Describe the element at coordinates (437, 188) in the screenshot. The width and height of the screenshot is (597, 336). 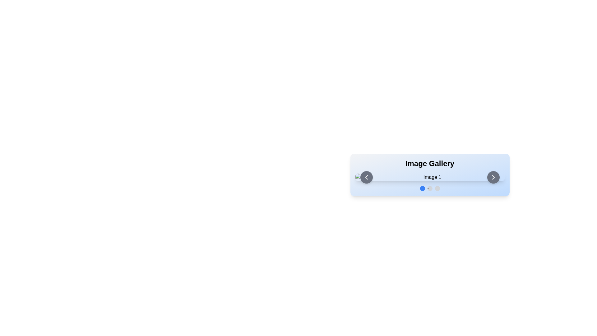
I see `the Navigation button that allows users to navigate to the third item in the gallery, located below the 'Image Gallery' section and situated between a gray circular button and a blue circular button` at that location.